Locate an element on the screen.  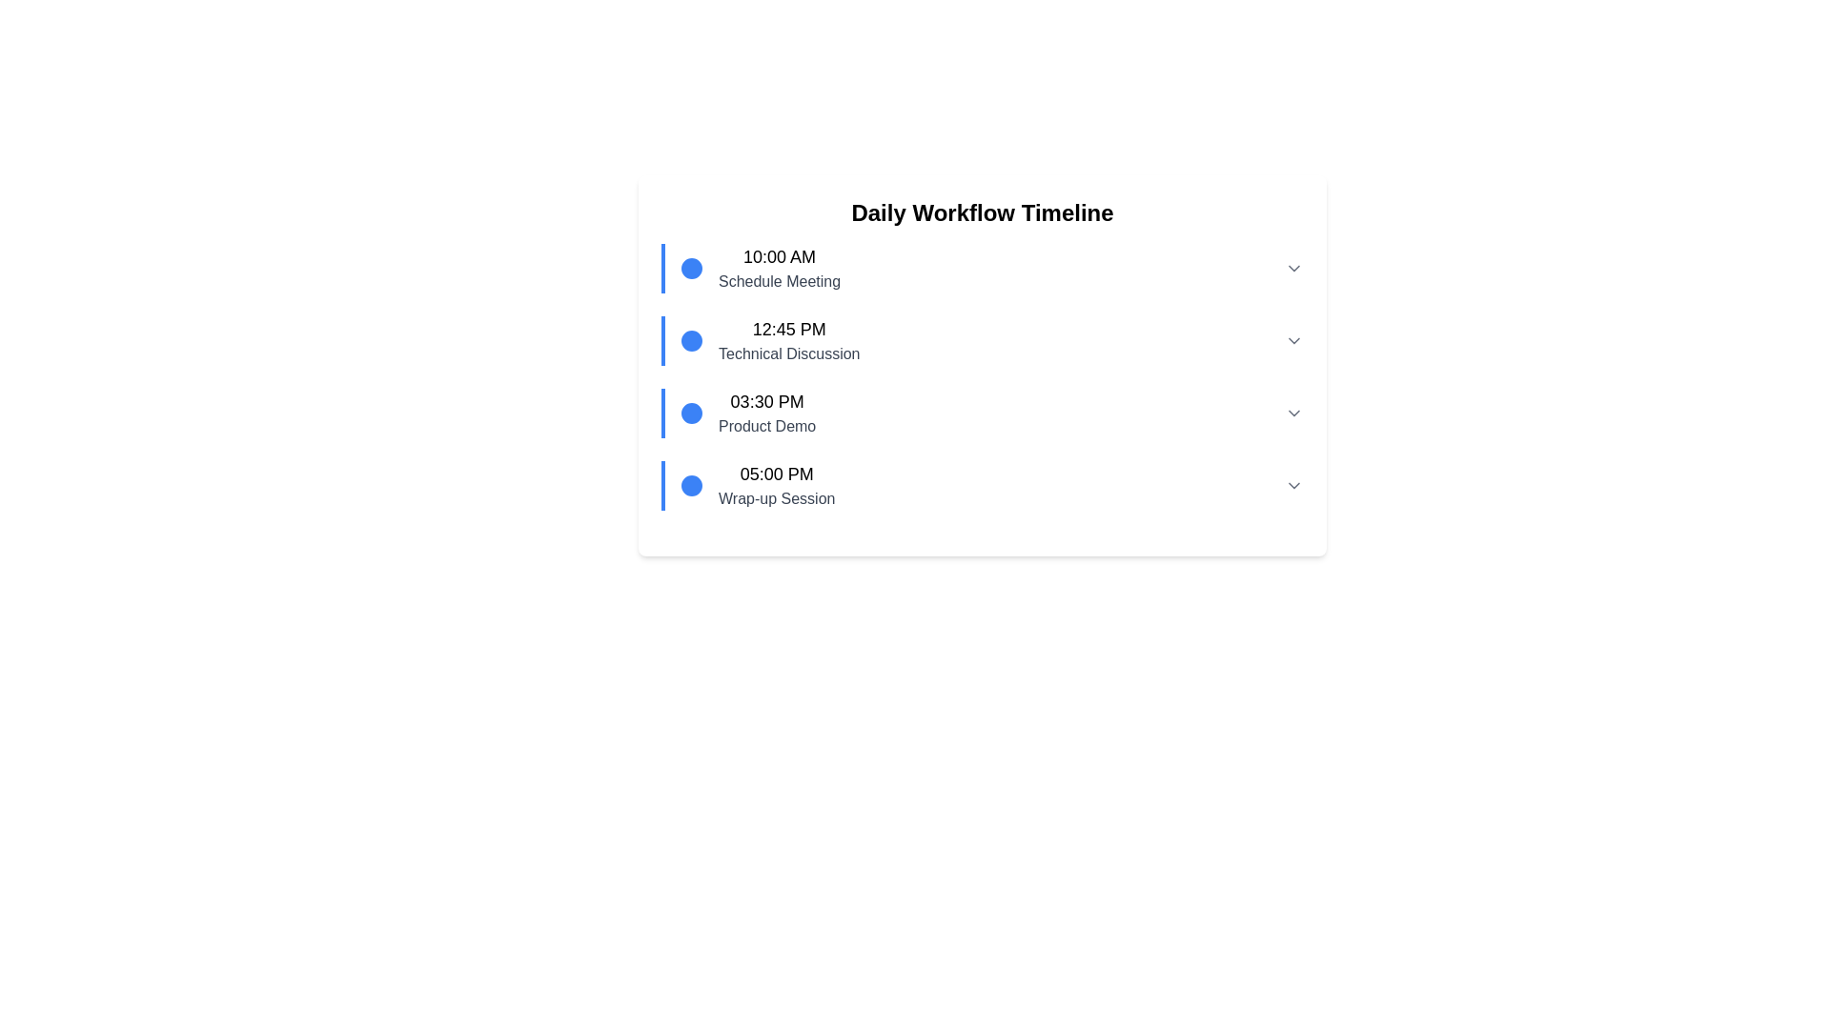
the circular blue icon located at the leftmost side of the row for '10:00 AM Schedule Meeting' is located at coordinates (690, 268).